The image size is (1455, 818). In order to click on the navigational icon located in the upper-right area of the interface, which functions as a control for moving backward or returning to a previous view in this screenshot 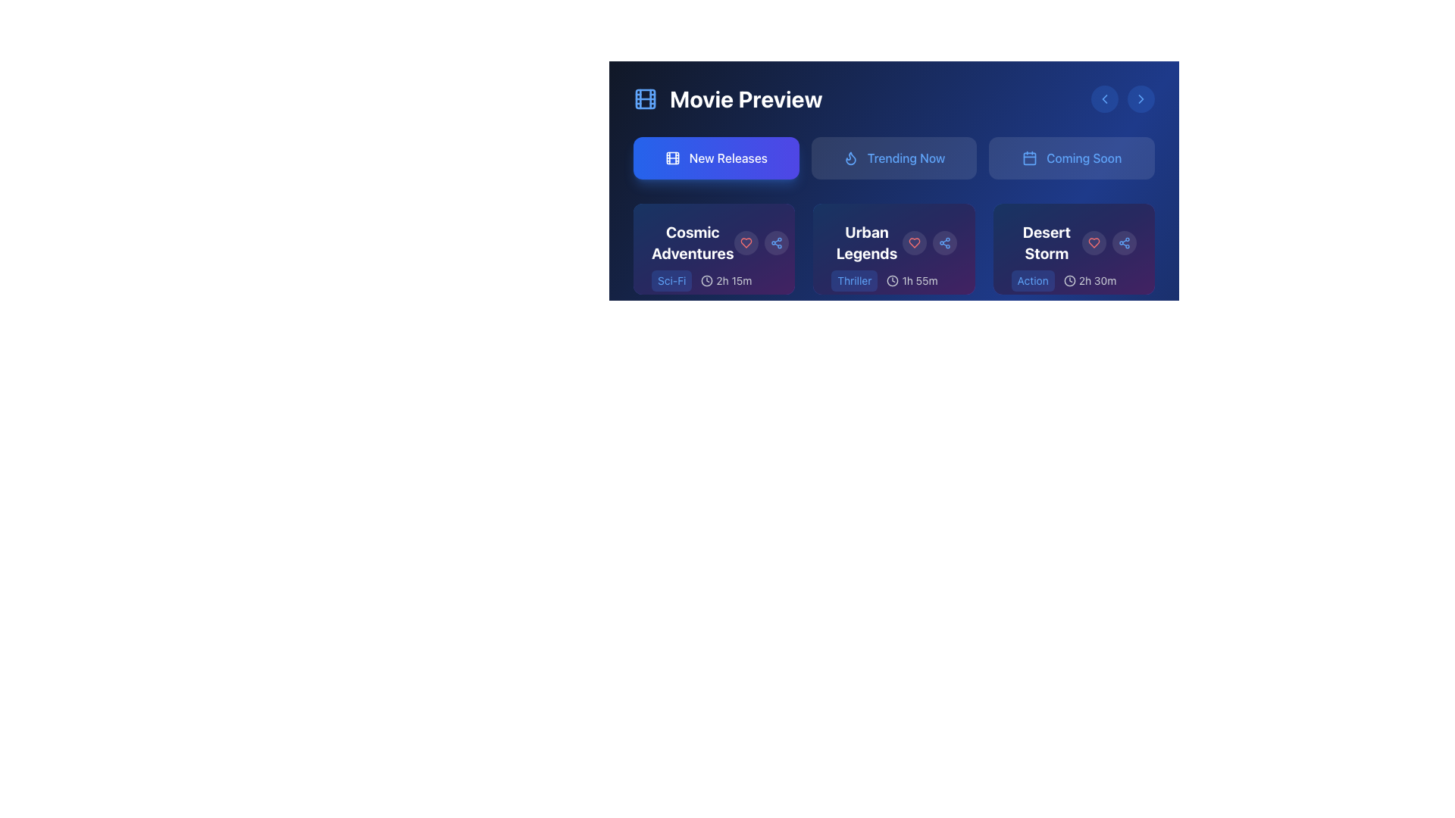, I will do `click(1105, 99)`.